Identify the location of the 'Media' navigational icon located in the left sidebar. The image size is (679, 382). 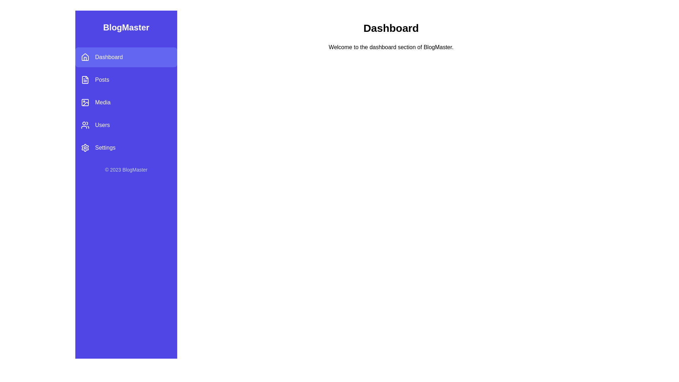
(85, 102).